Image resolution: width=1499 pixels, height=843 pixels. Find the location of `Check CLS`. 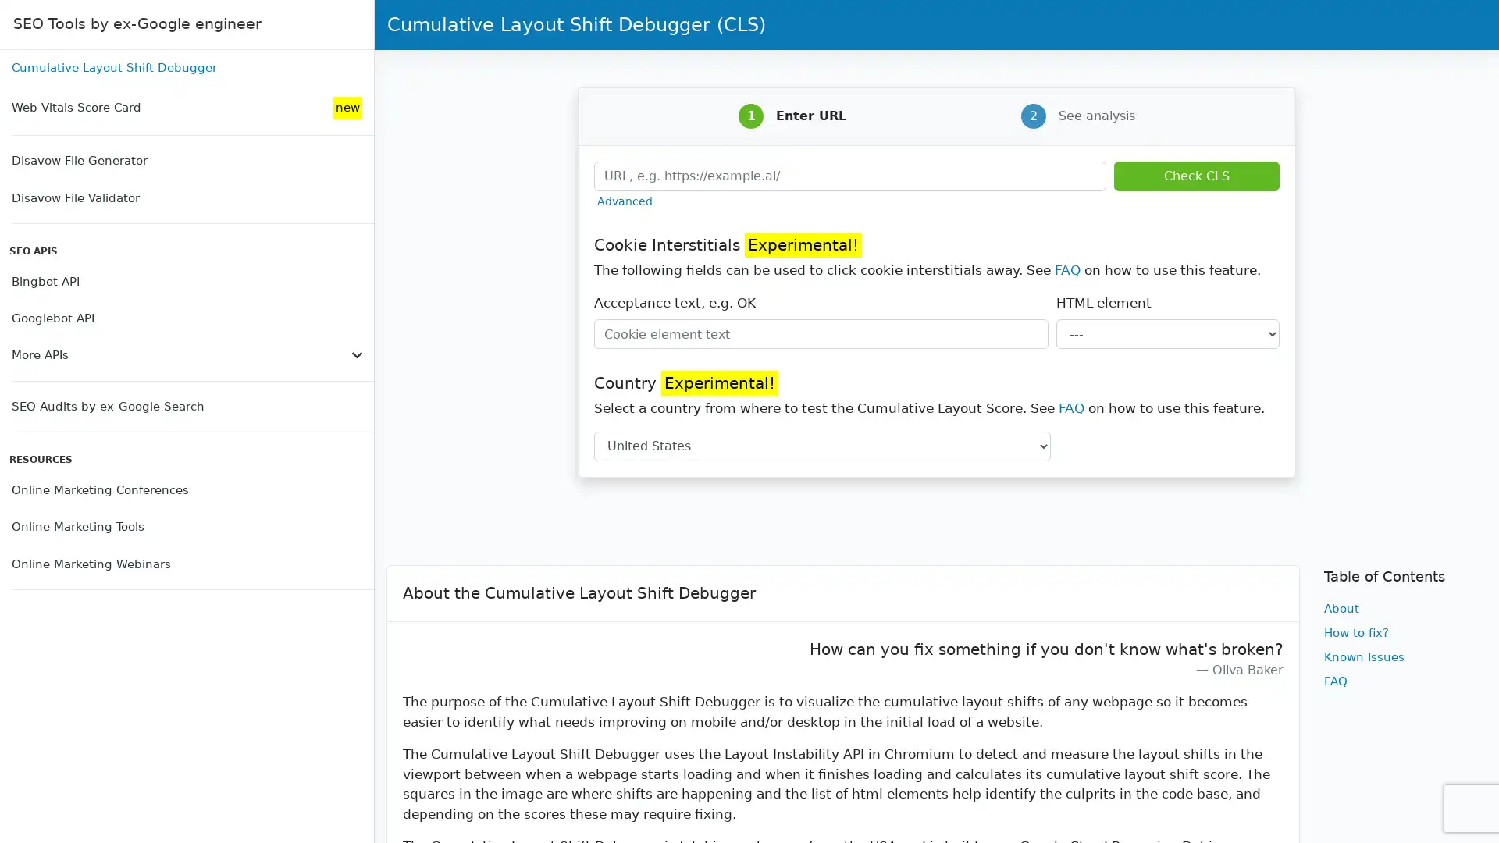

Check CLS is located at coordinates (1195, 175).